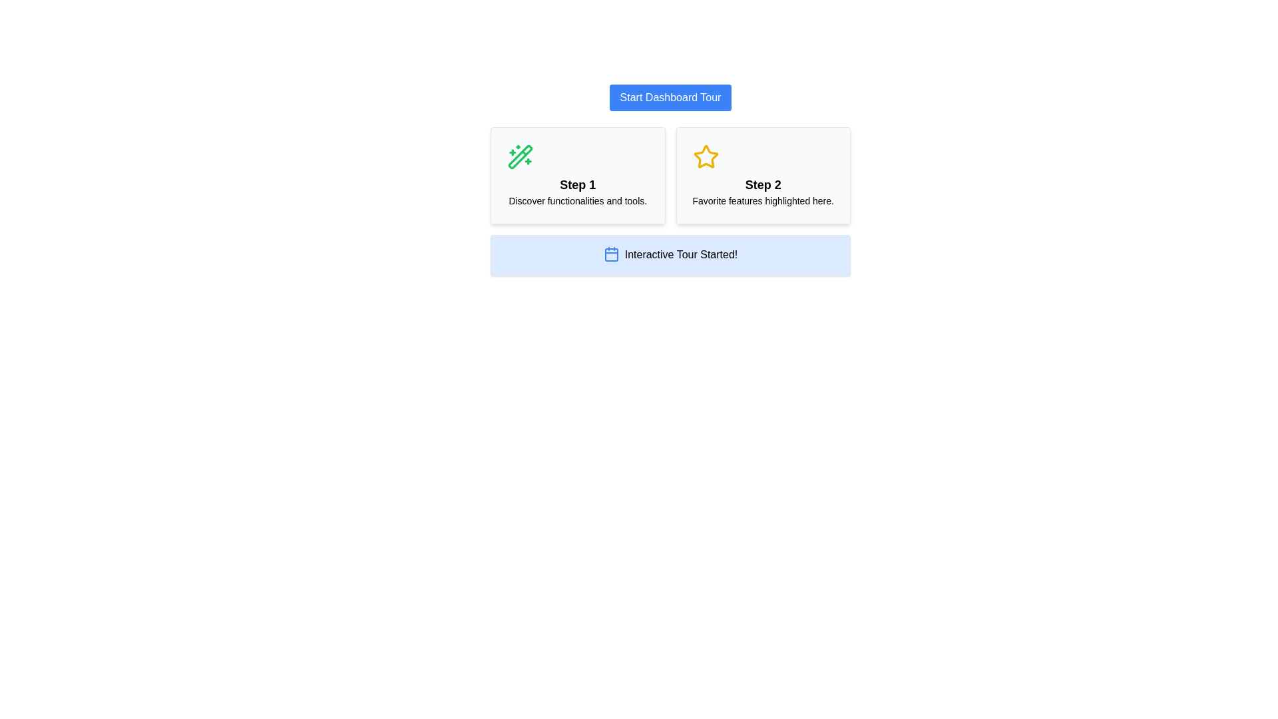 The image size is (1278, 719). Describe the element at coordinates (763, 174) in the screenshot. I see `text information from the second tutorial card that highlights favorite features, located in the grid layout to the right of 'Step 1'` at that location.